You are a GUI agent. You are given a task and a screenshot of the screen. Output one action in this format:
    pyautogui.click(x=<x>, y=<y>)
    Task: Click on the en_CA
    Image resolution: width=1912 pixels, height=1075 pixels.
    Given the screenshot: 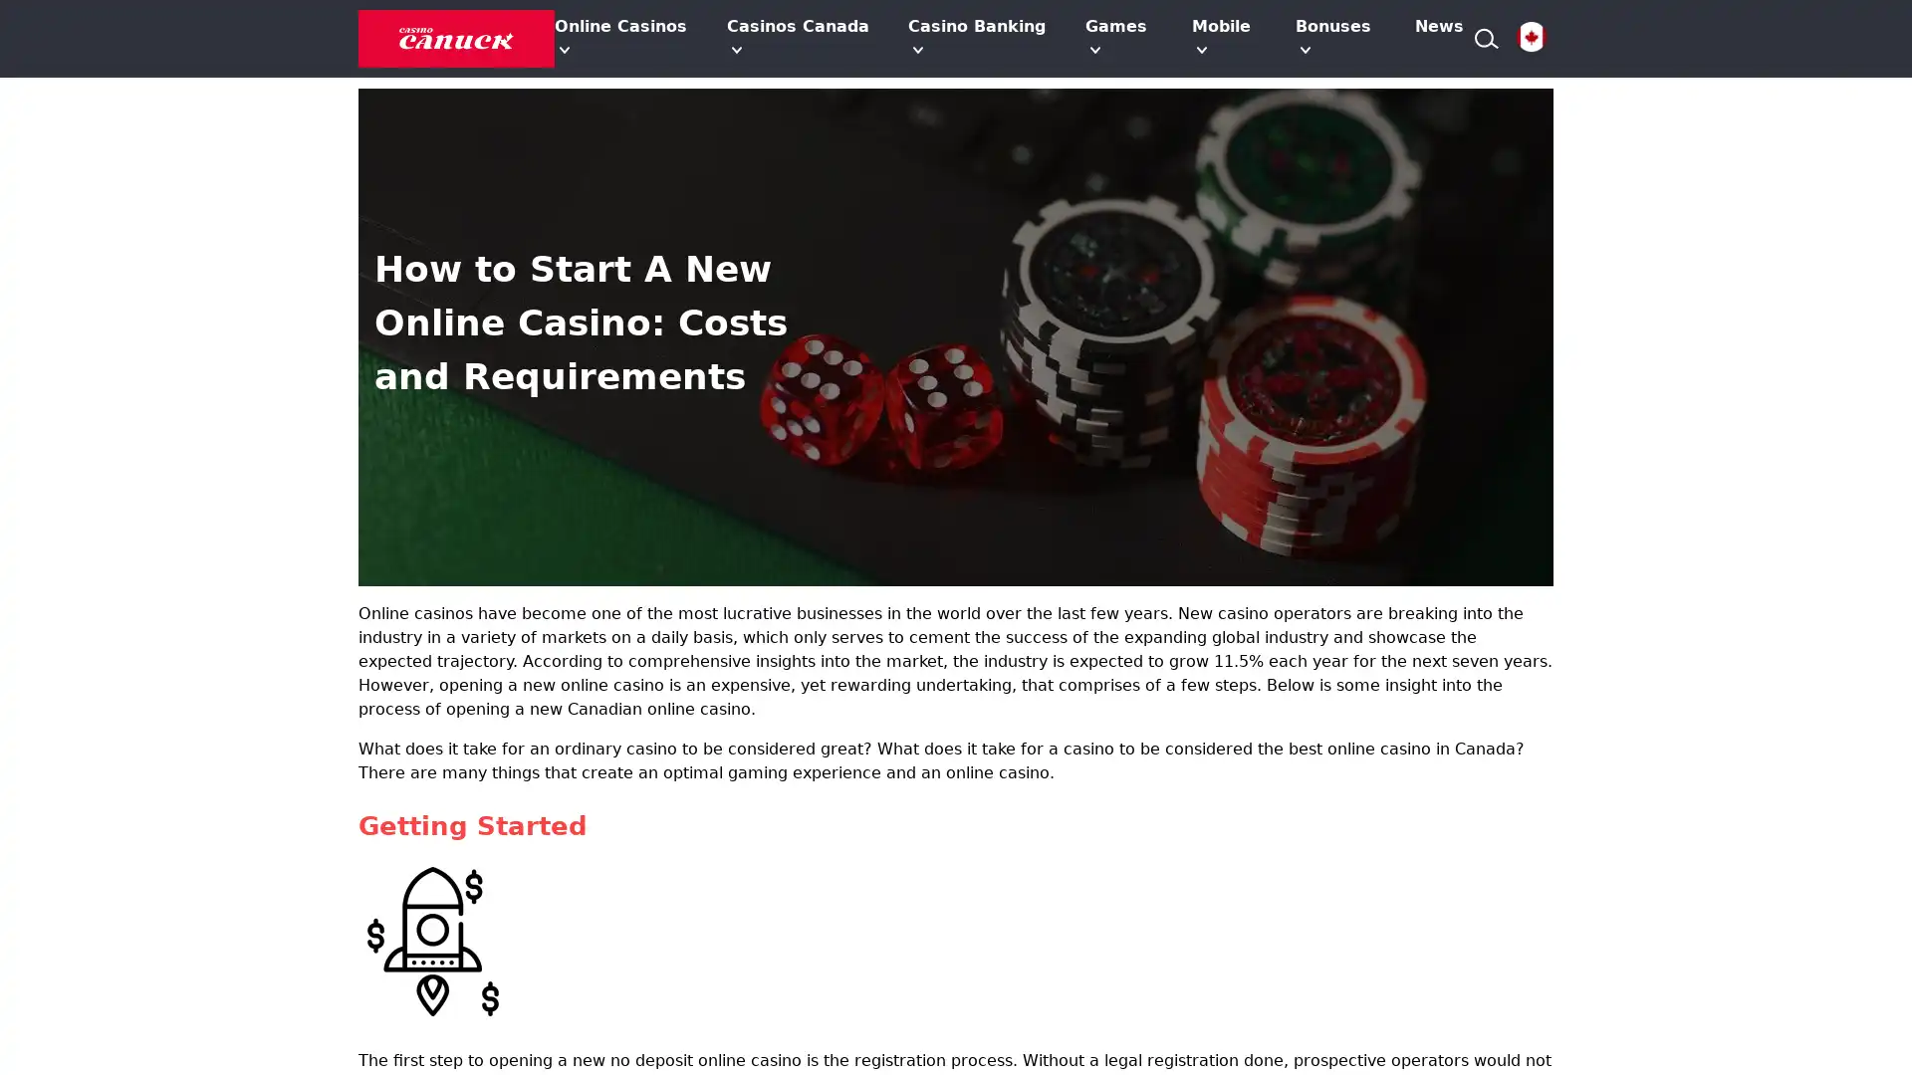 What is the action you would take?
    pyautogui.click(x=1530, y=38)
    